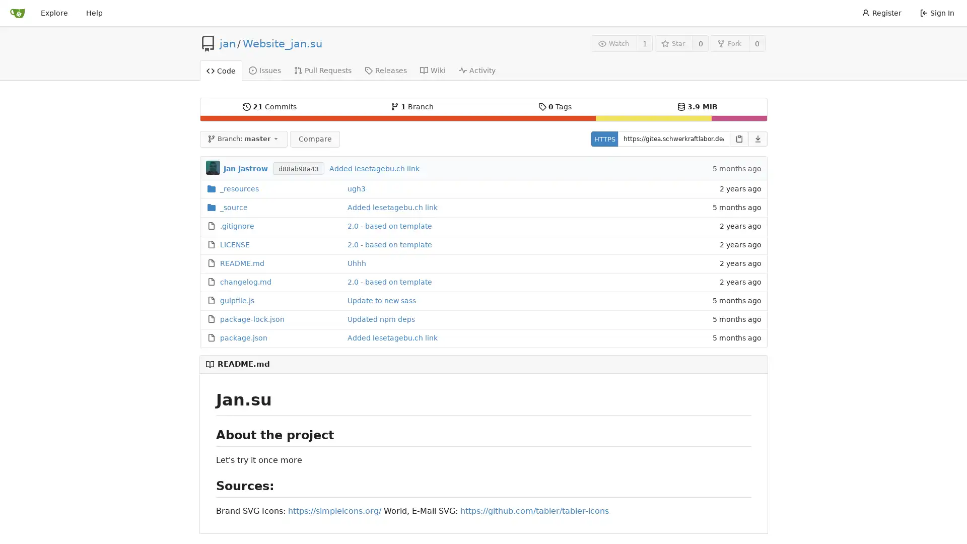  Describe the element at coordinates (604, 139) in the screenshot. I see `HTTPS` at that location.